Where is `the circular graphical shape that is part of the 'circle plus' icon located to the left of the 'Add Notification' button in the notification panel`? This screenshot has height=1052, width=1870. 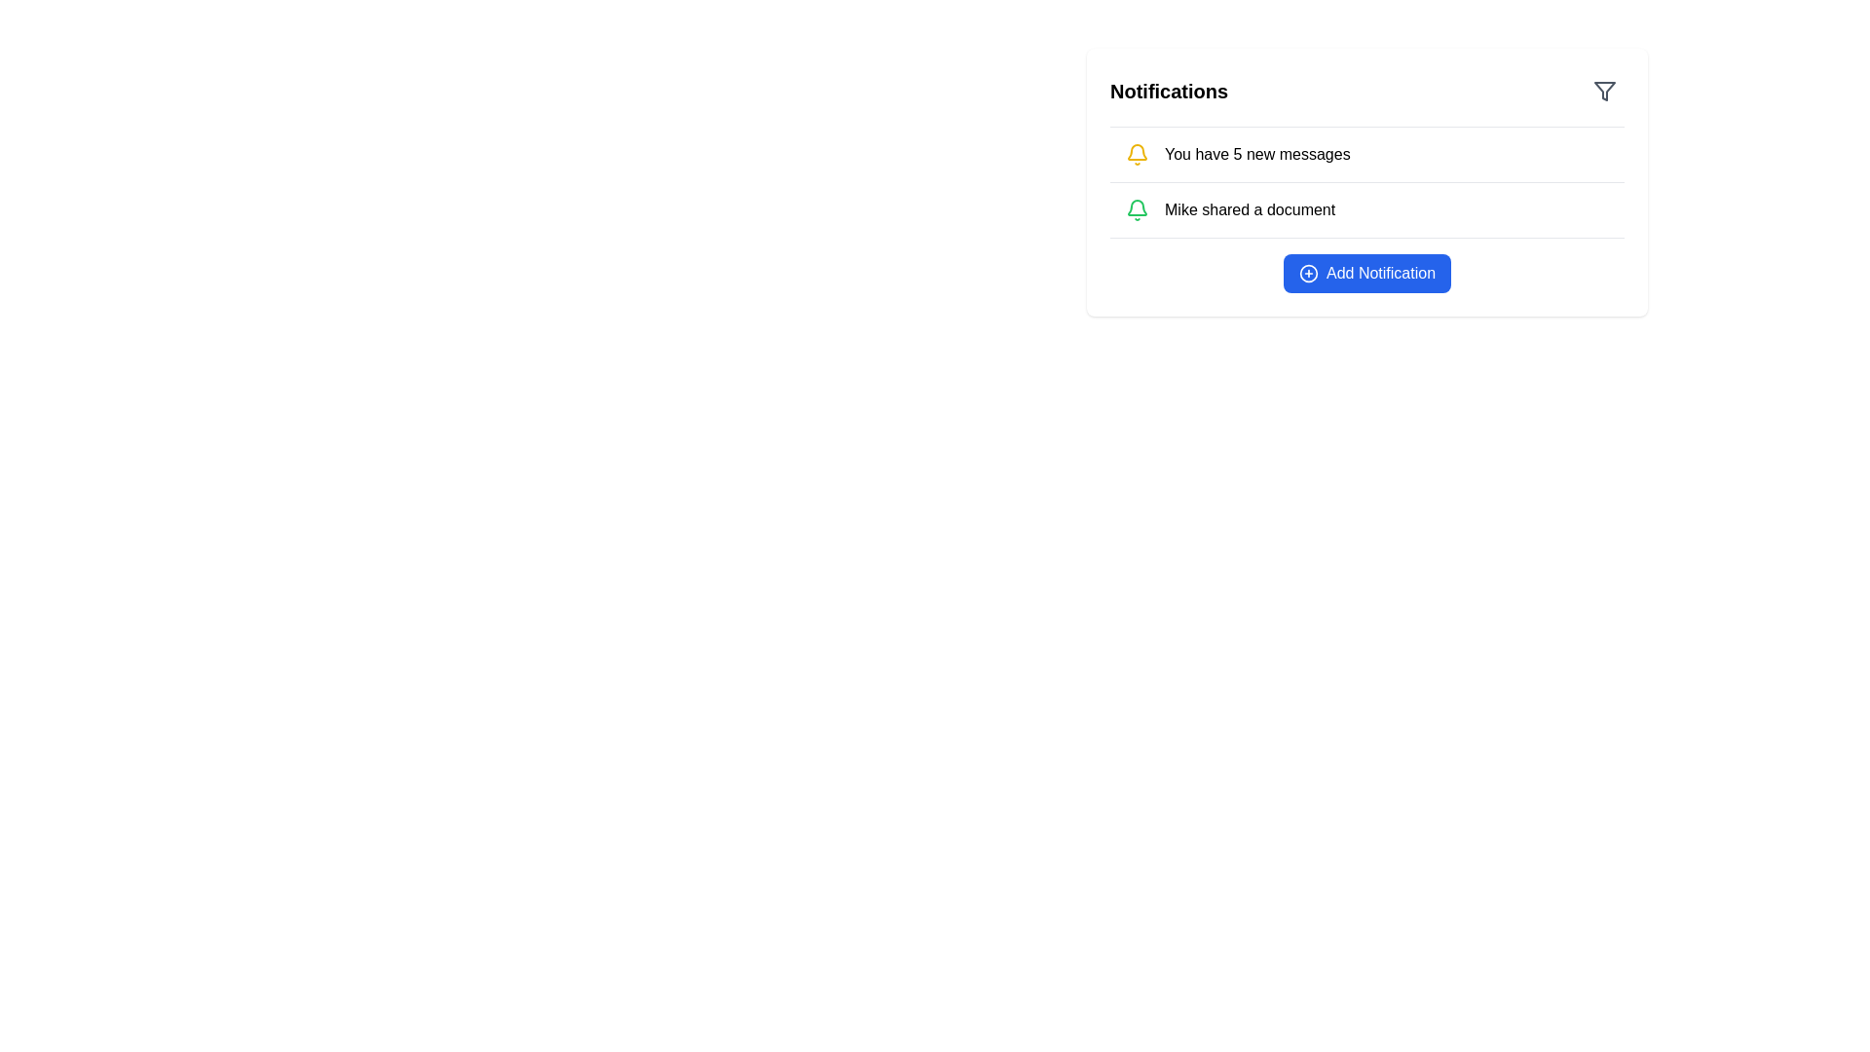 the circular graphical shape that is part of the 'circle plus' icon located to the left of the 'Add Notification' button in the notification panel is located at coordinates (1309, 274).